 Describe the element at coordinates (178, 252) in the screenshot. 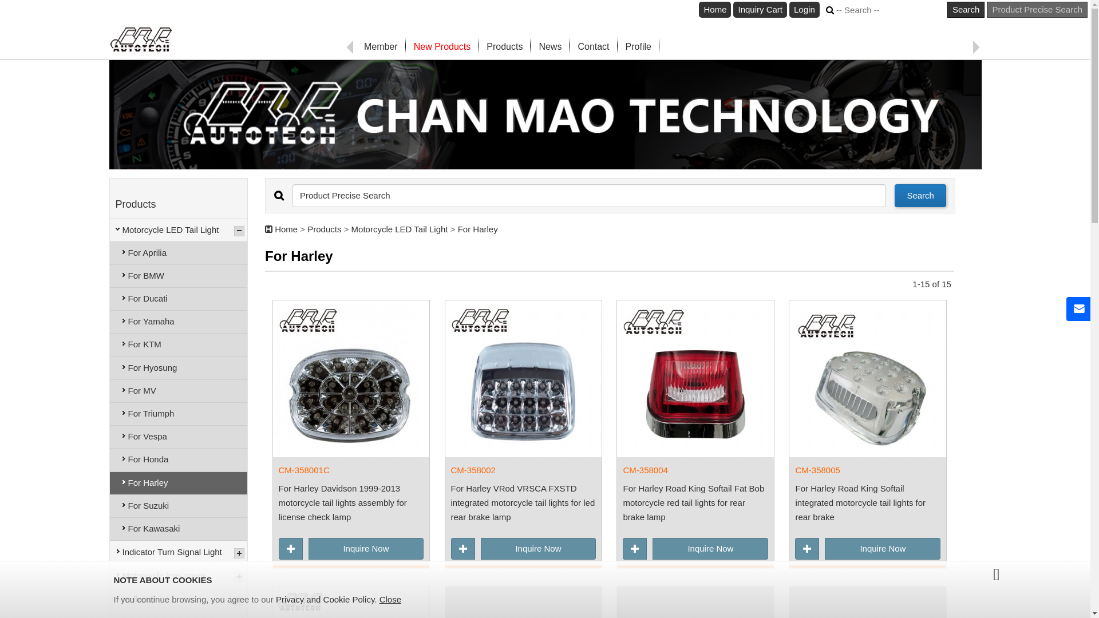

I see `'For Aprilia'` at that location.